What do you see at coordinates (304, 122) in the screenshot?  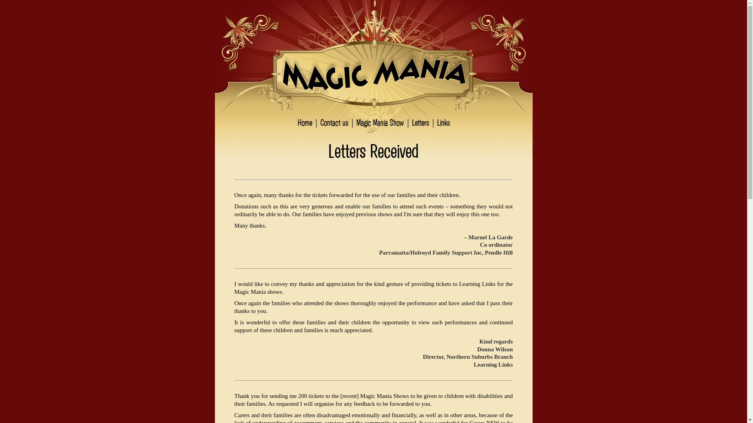 I see `'Home'` at bounding box center [304, 122].